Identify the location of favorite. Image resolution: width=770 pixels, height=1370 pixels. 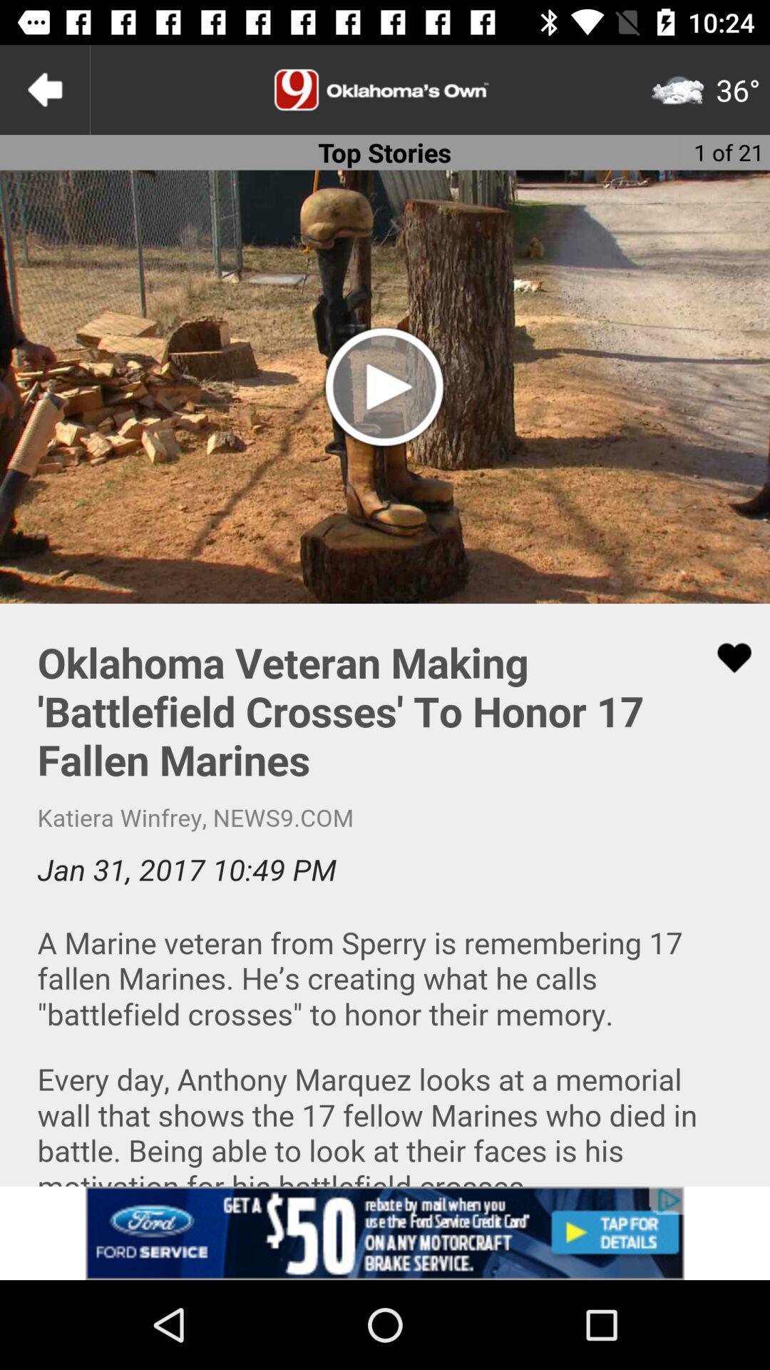
(725, 657).